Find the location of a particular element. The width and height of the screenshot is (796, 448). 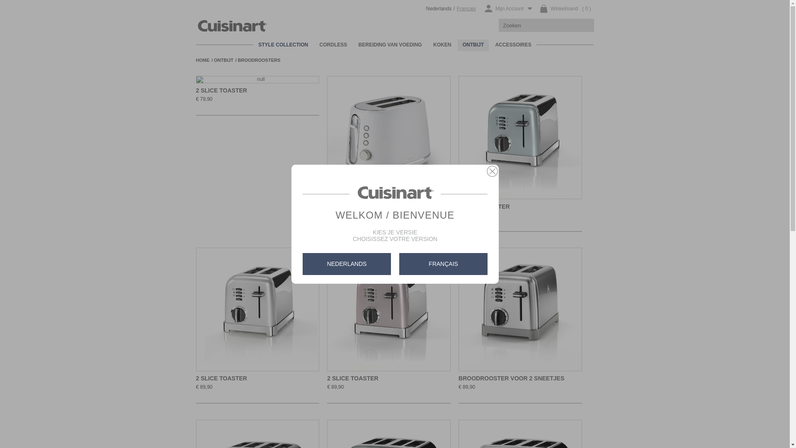

'CORDLESS' is located at coordinates (333, 45).